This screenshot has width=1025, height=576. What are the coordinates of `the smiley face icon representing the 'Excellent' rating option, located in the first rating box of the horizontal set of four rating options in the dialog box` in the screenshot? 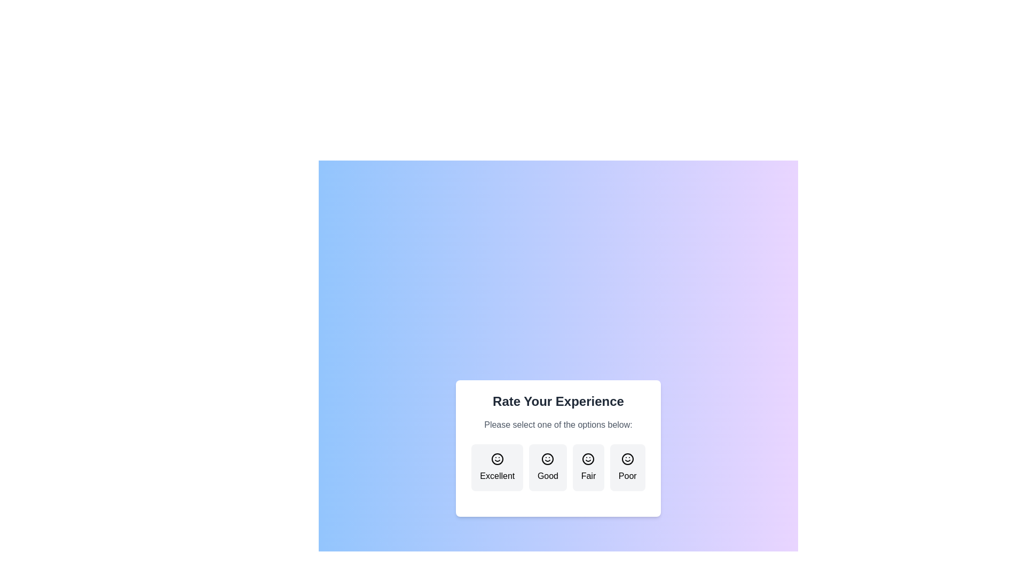 It's located at (496, 458).